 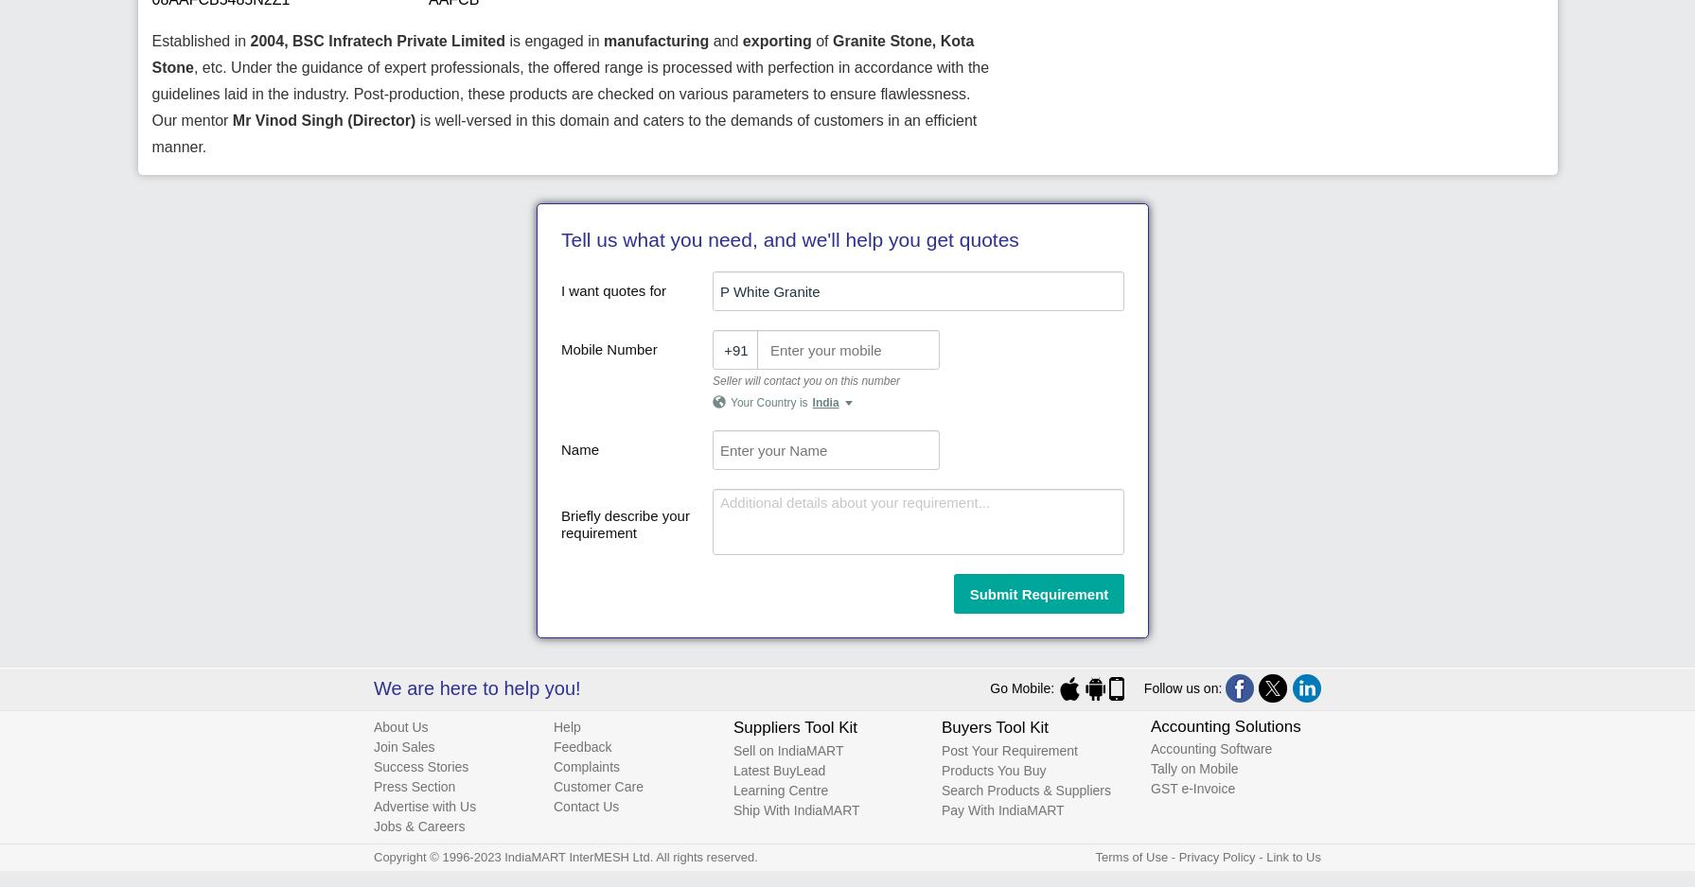 I want to click on 'Your Country is', so click(x=768, y=403).